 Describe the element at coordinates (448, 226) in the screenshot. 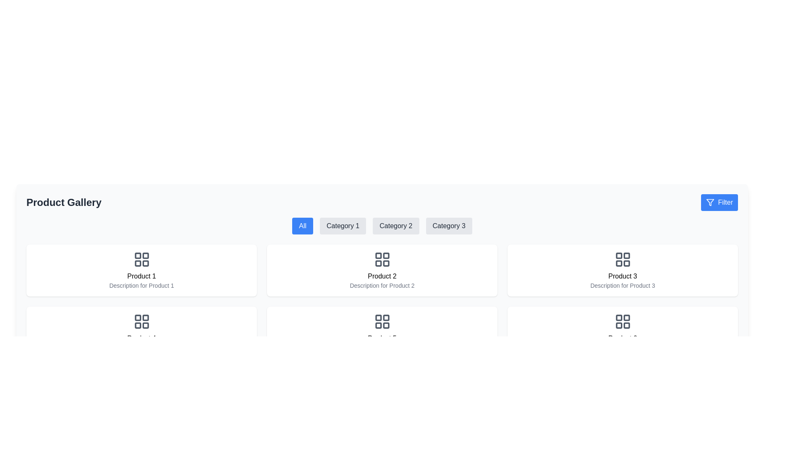

I see `the 'Category 3' filter button located in the center-right of the product filter section` at that location.